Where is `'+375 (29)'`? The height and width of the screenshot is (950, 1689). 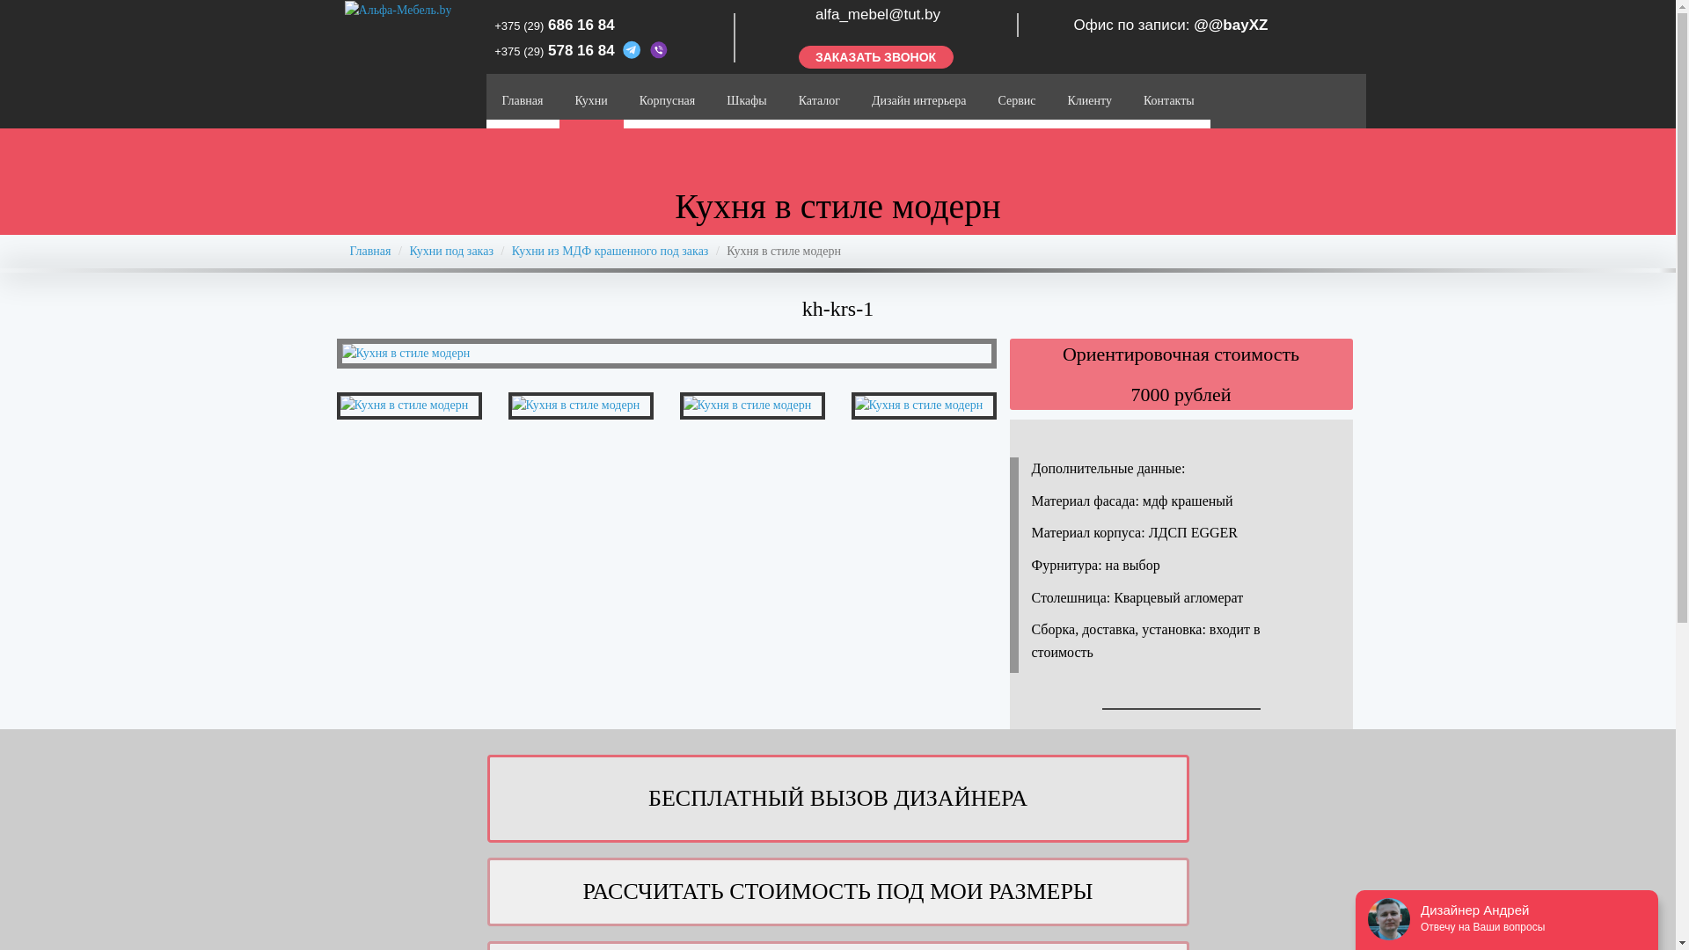 '+375 (29)' is located at coordinates (518, 26).